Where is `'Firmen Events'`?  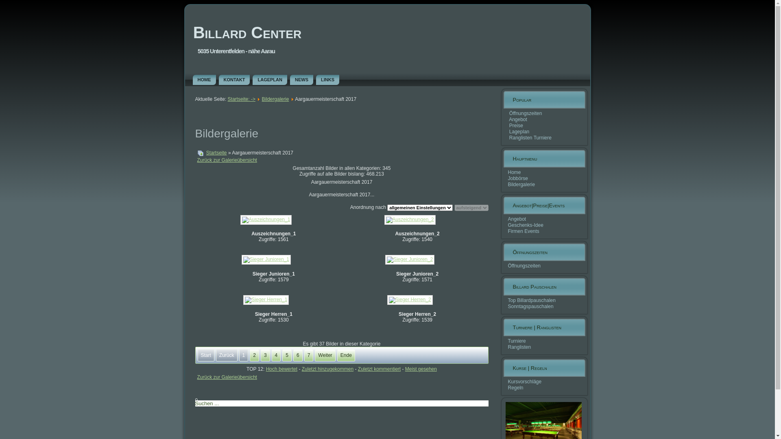
'Firmen Events' is located at coordinates (523, 231).